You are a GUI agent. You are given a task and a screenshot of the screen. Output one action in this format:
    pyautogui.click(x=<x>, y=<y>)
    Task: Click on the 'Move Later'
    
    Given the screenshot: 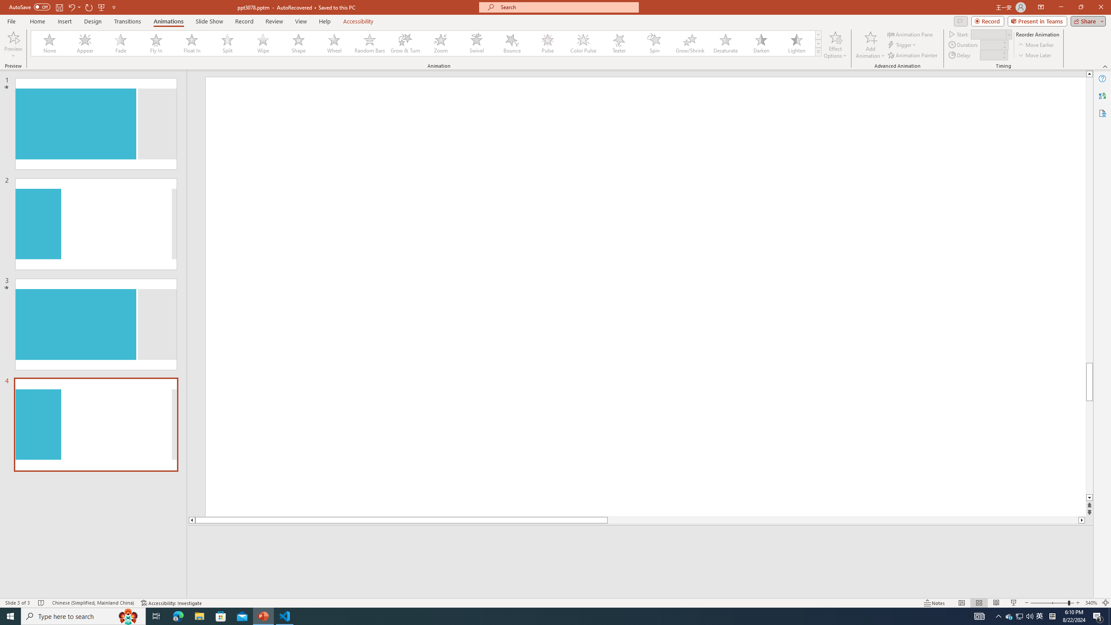 What is the action you would take?
    pyautogui.click(x=1035, y=55)
    